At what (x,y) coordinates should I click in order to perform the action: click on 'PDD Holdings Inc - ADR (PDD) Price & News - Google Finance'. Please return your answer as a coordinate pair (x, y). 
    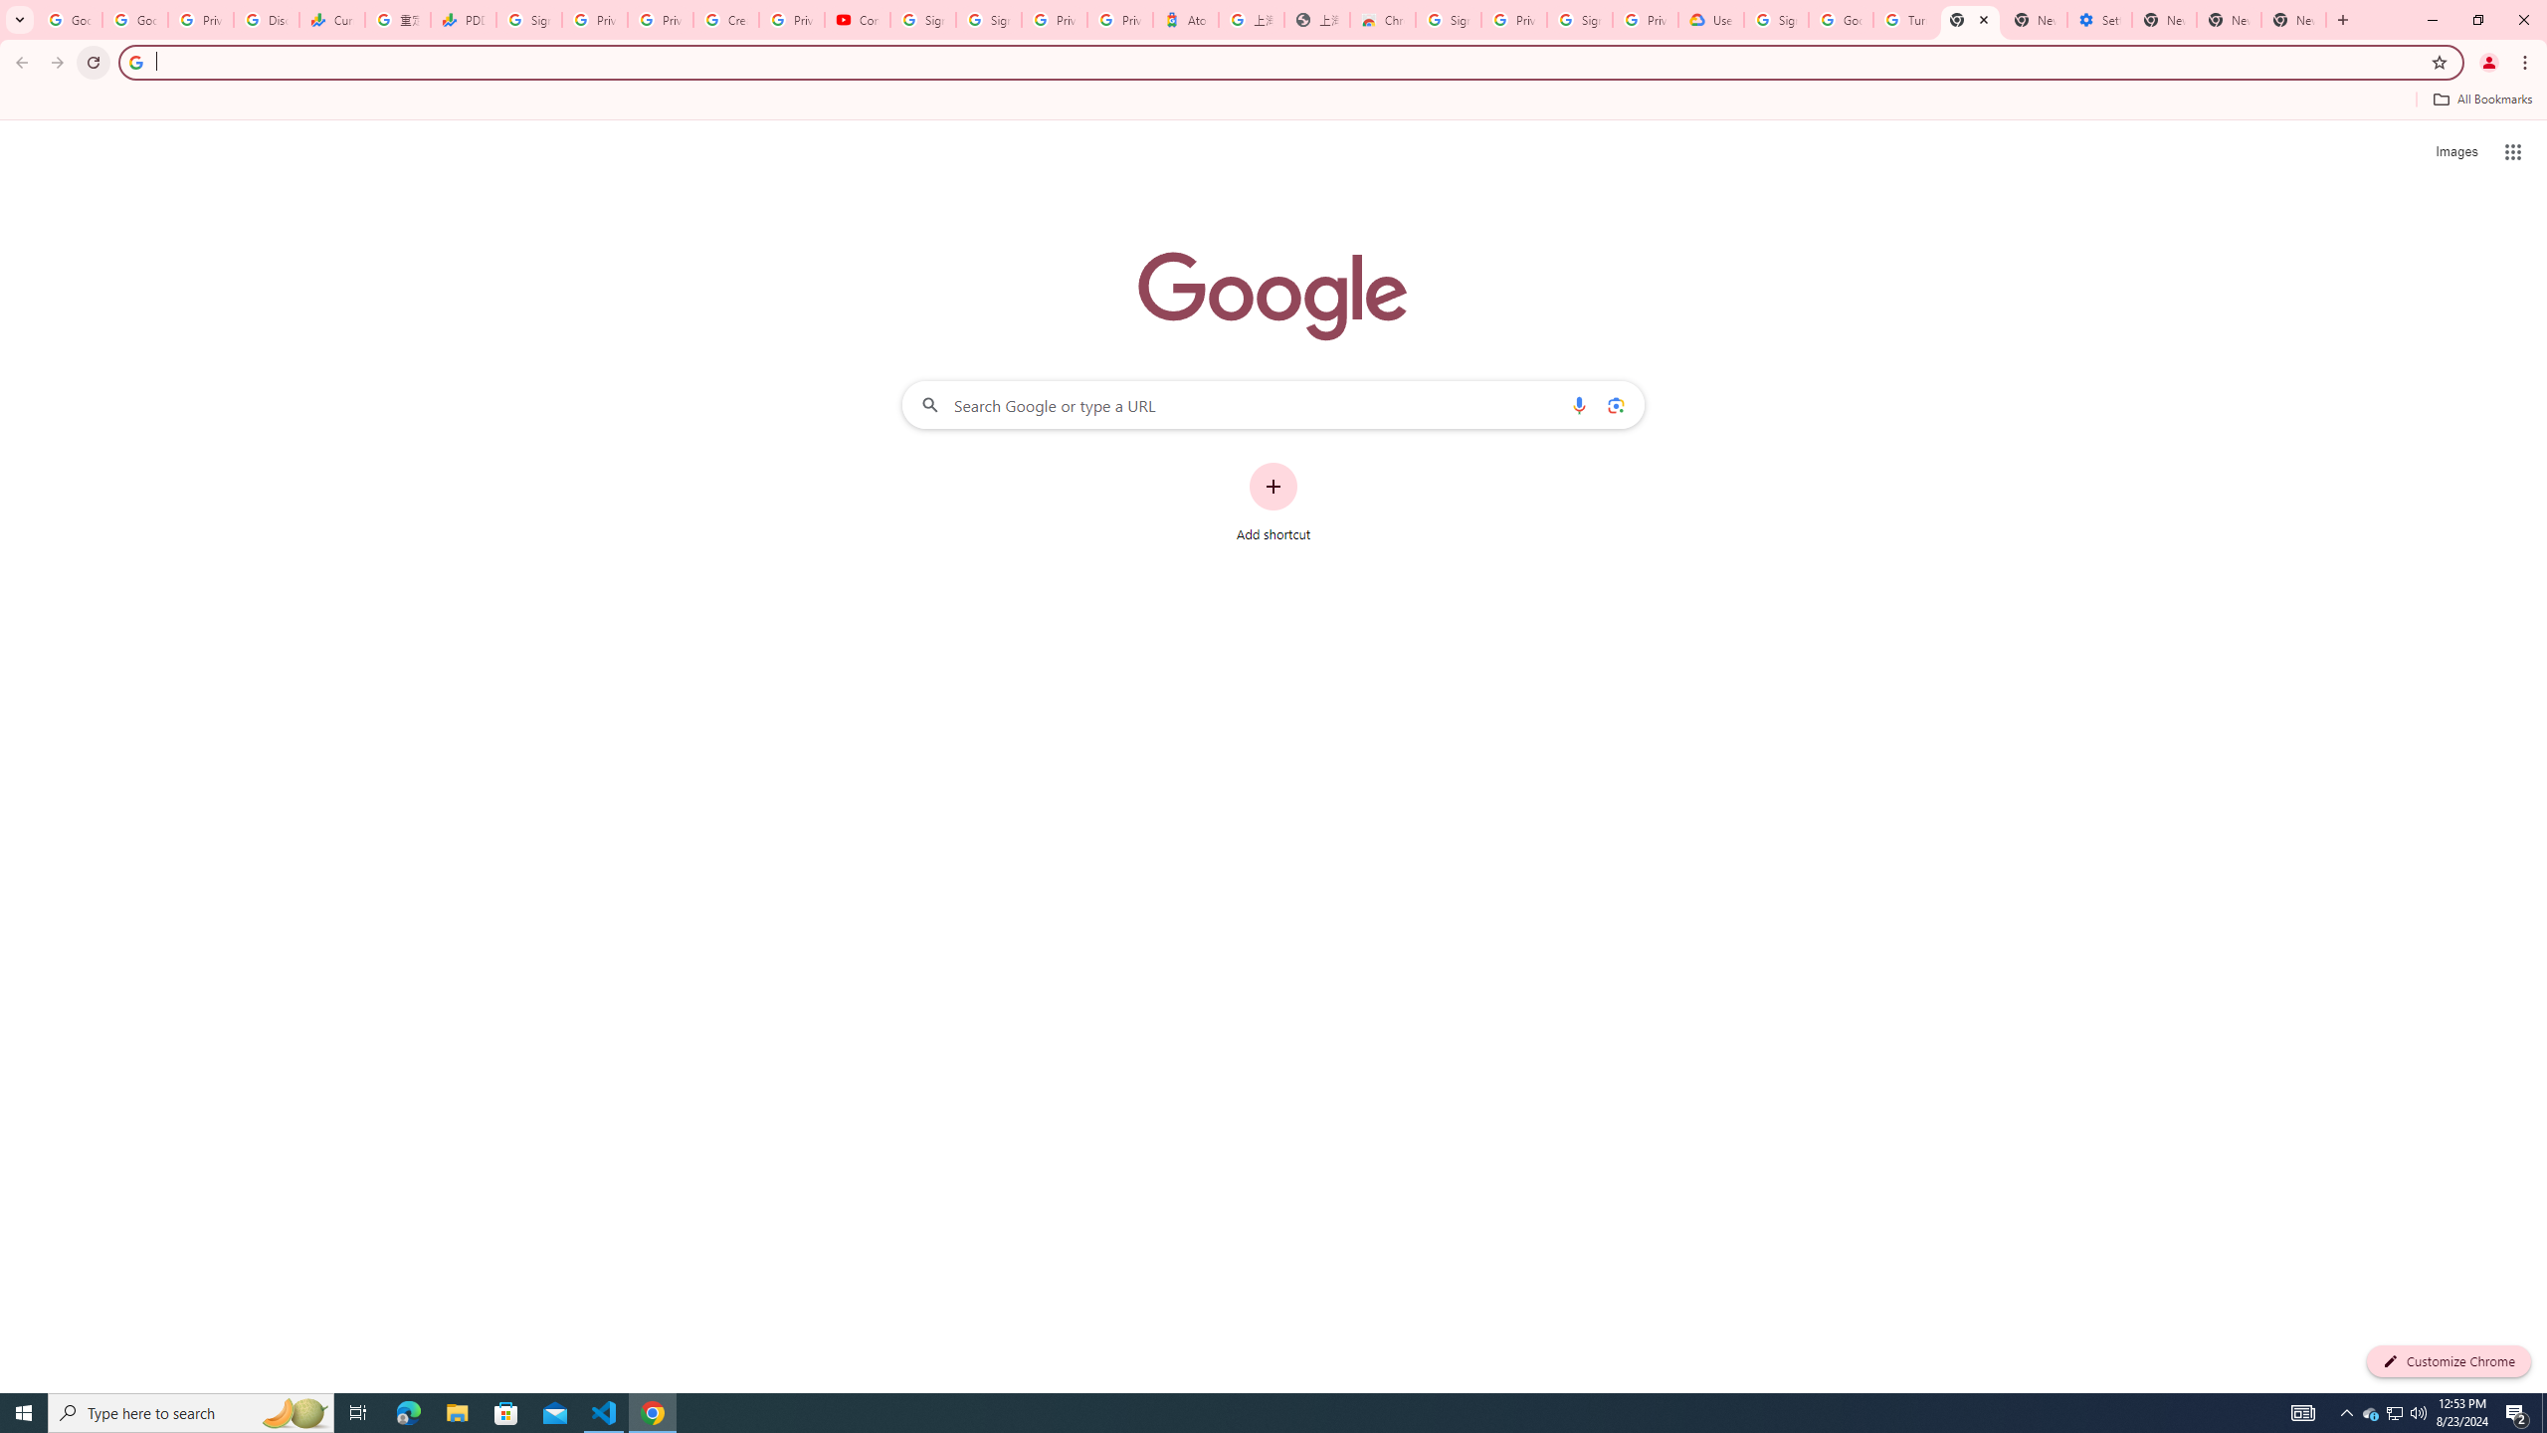
    Looking at the image, I should click on (462, 19).